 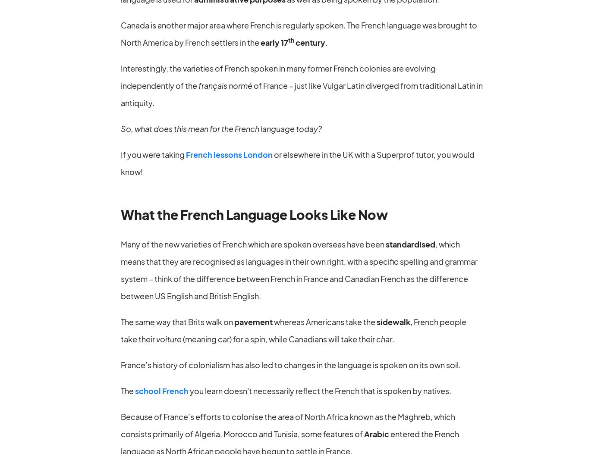 What do you see at coordinates (290, 364) in the screenshot?
I see `'France’s history of colonialism has also led to changes in the language is spoken on its own soil.'` at bounding box center [290, 364].